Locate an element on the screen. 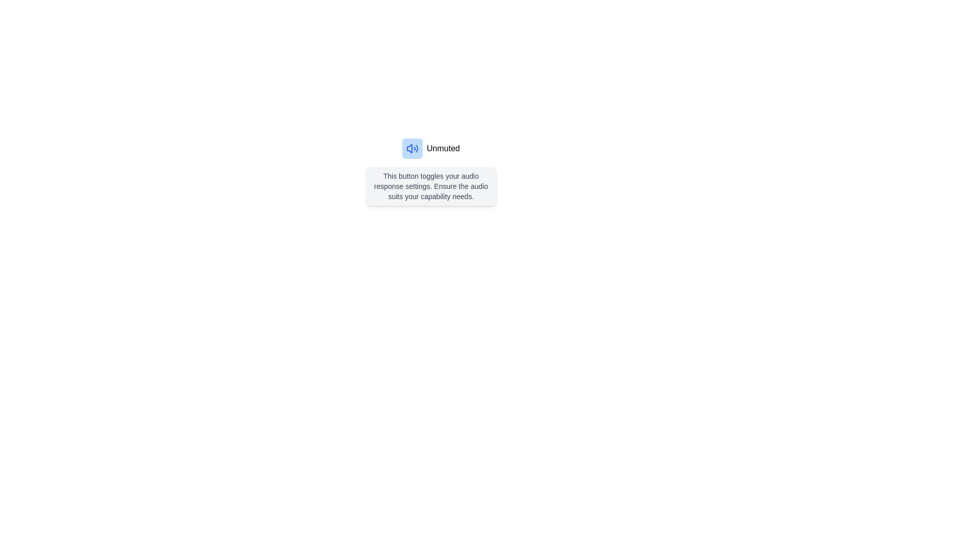 The width and height of the screenshot is (979, 550). the leftmost part of the speaker icon representing an unmuted audio state, located at the center of the interface above the text 'Unmuted' is located at coordinates (409, 149).